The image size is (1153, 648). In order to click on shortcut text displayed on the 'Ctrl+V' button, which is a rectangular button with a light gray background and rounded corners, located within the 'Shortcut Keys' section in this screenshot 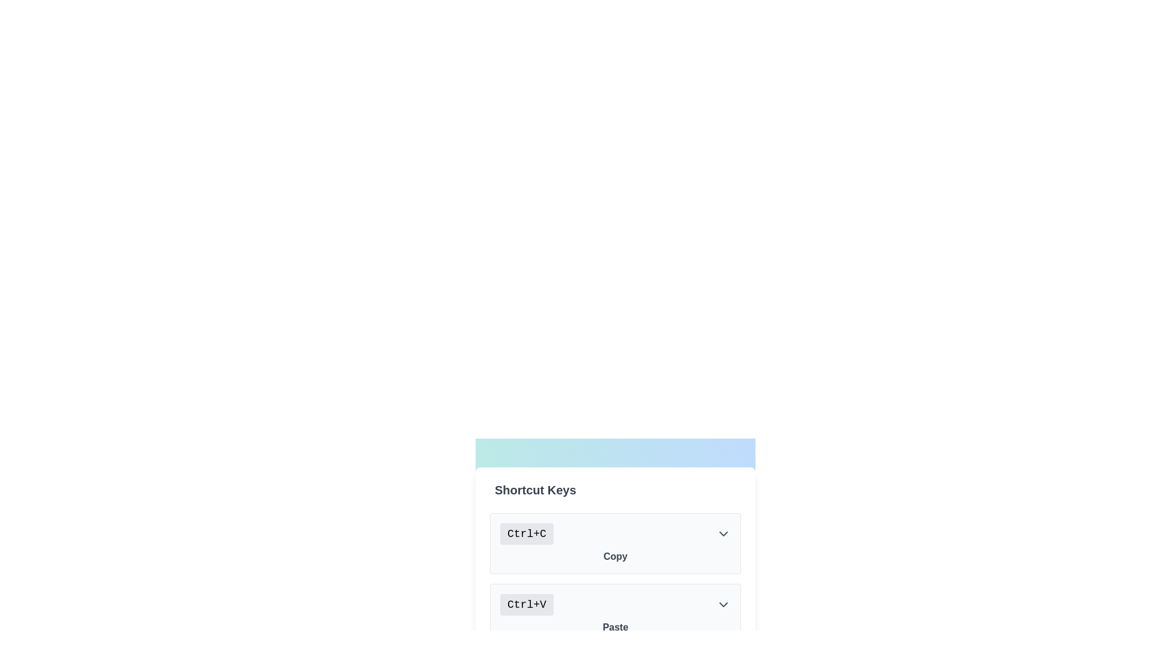, I will do `click(527, 604)`.